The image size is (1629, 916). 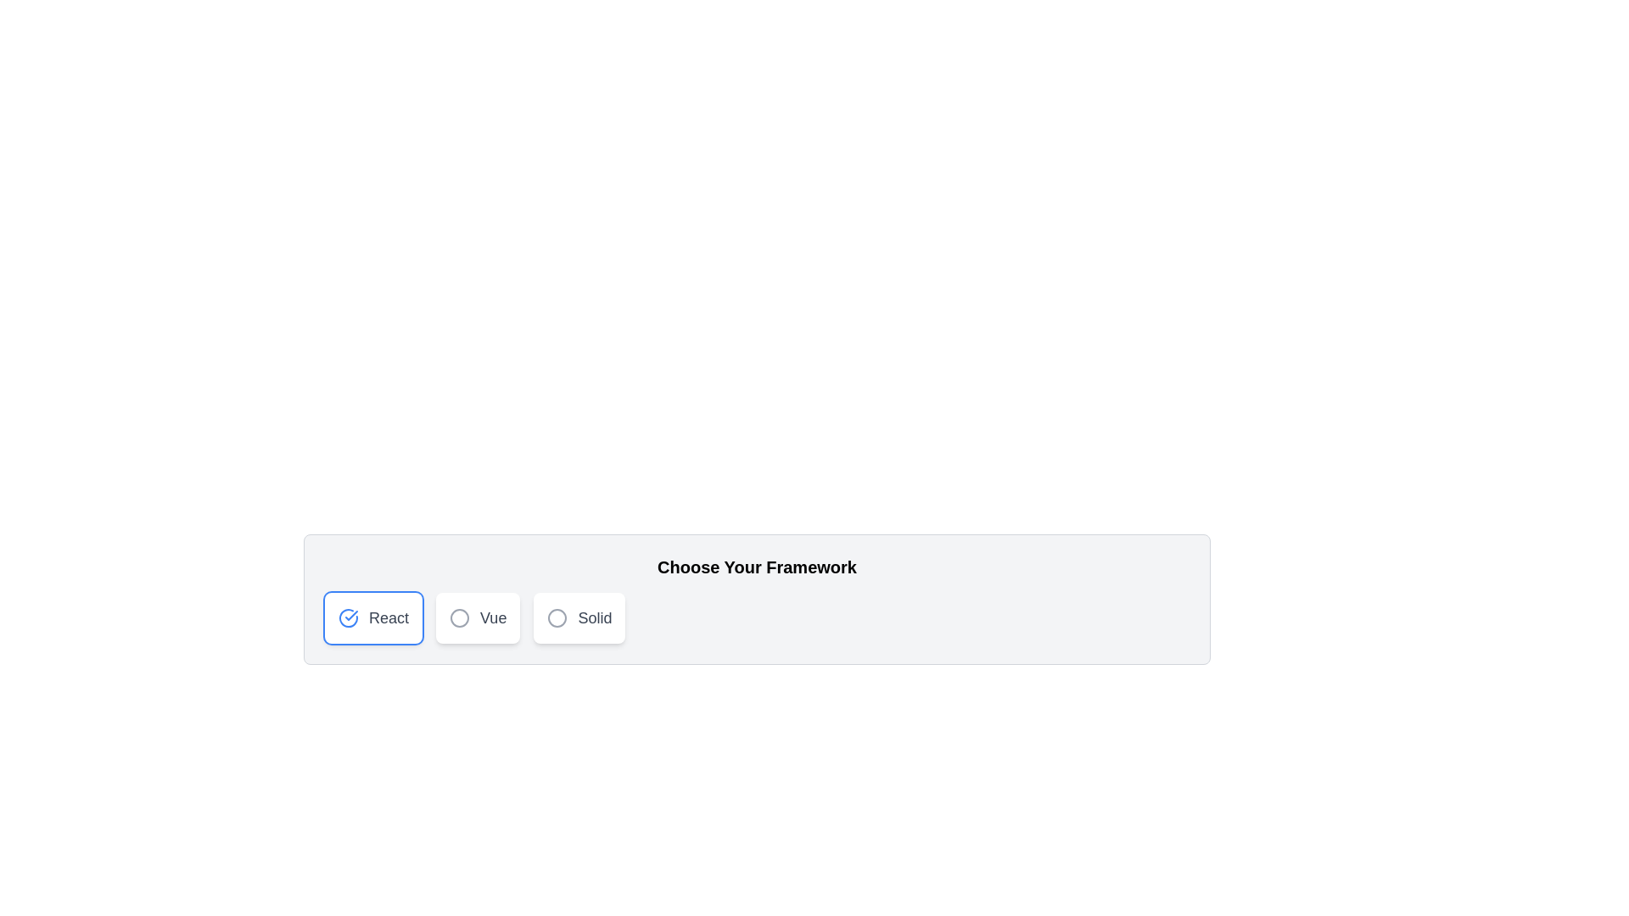 I want to click on the decorative or status indicator icon located on the left side of the 'Vue' button, which is positioned between 'React' and 'Solid' in the framework selection row, so click(x=460, y=618).